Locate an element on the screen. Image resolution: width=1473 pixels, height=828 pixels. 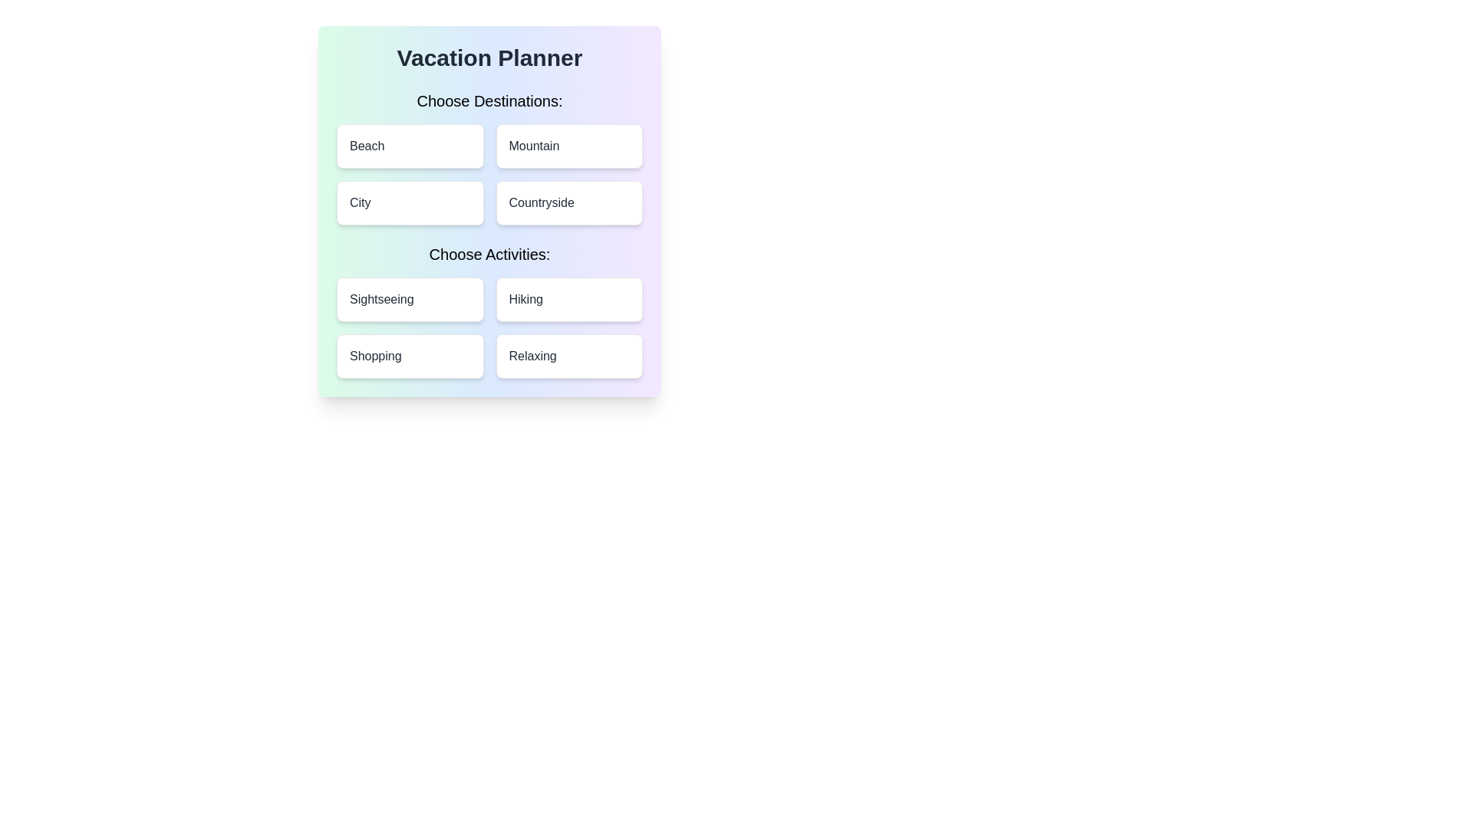
the 'Sightseeing' tile in the grid layout containing buttons labeled 'Sightseeing', 'Hiking', 'Shopping', and 'Relaxing' is located at coordinates (489, 327).